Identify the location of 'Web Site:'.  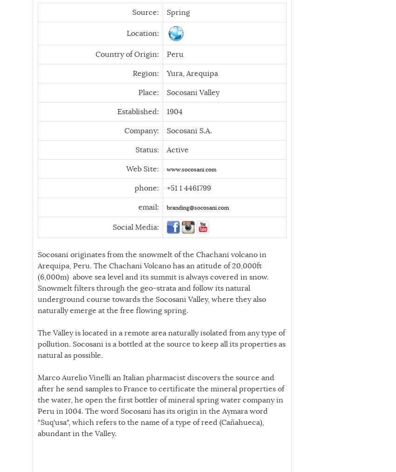
(125, 169).